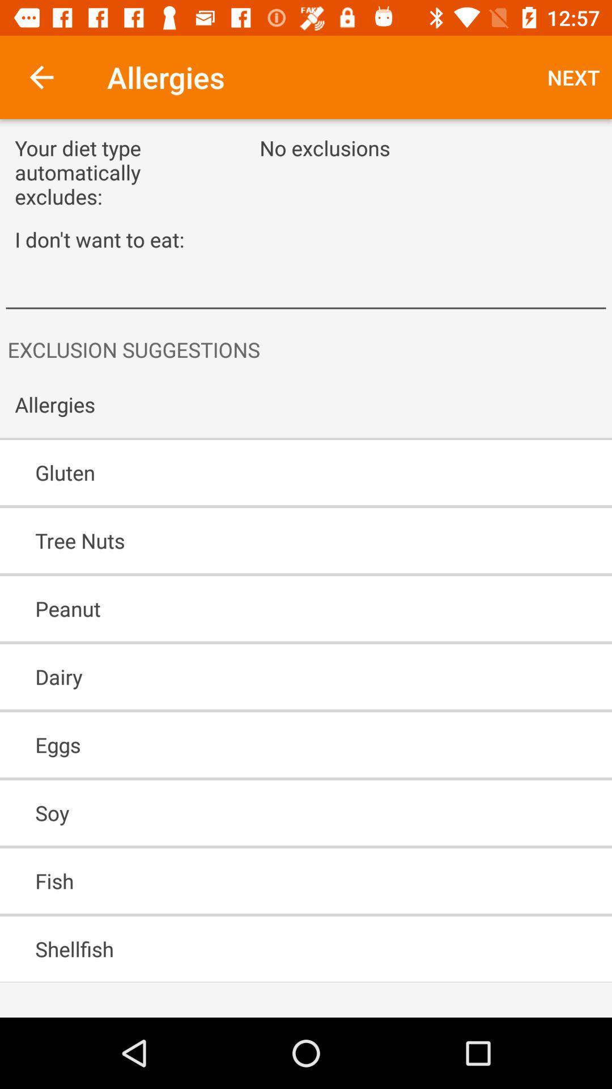 Image resolution: width=612 pixels, height=1089 pixels. I want to click on eggs, so click(273, 745).